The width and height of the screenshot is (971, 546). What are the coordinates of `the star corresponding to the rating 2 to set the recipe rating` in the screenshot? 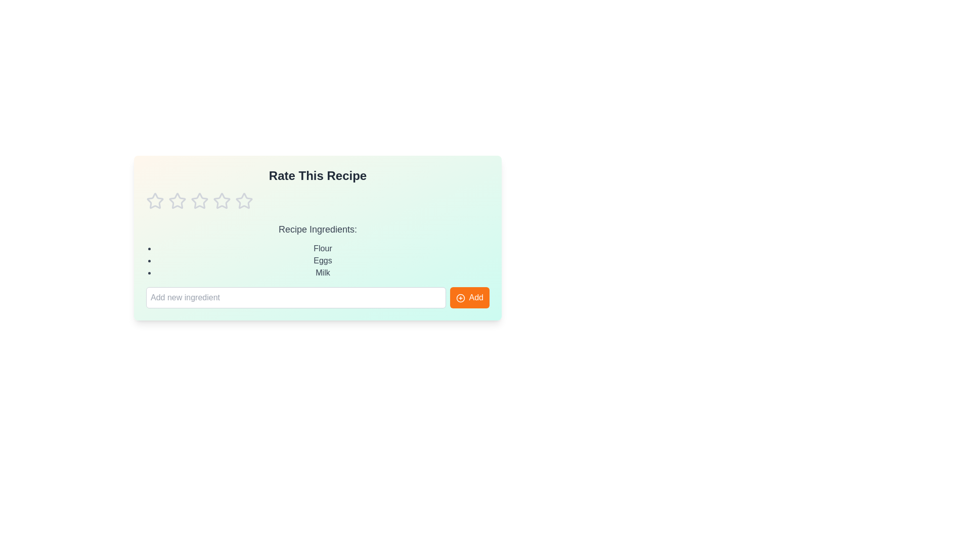 It's located at (177, 201).